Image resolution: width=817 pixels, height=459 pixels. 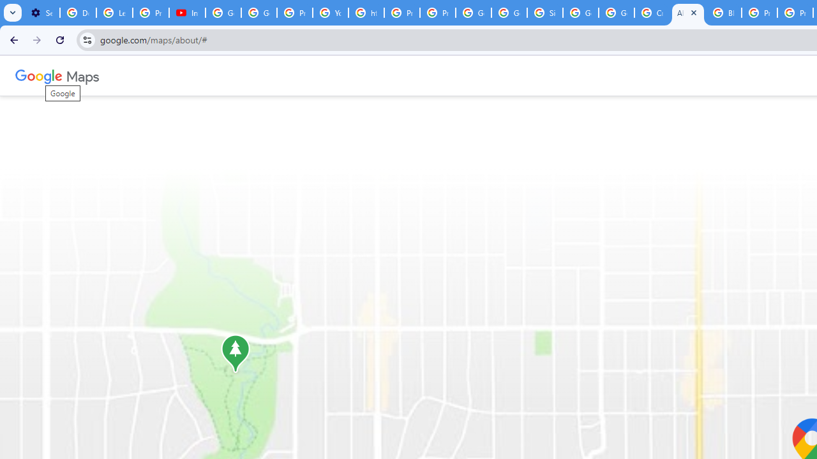 What do you see at coordinates (223, 13) in the screenshot?
I see `'Google Account Help'` at bounding box center [223, 13].